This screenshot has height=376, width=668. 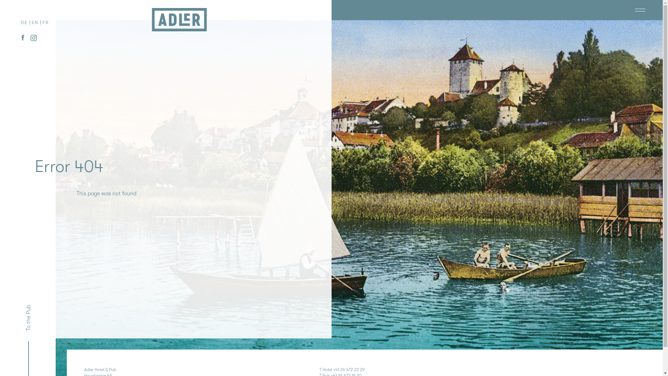 What do you see at coordinates (45, 22) in the screenshot?
I see `'FR'` at bounding box center [45, 22].